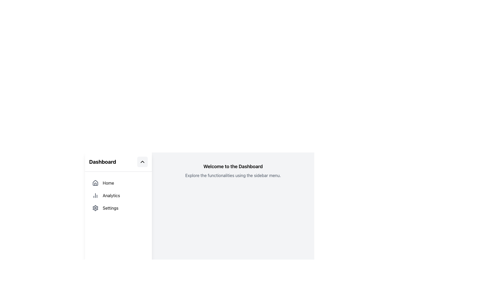 This screenshot has width=502, height=282. I want to click on the toggle button for collapsing or expanding a section, located to the right of the 'Dashboard' text in the header, so click(142, 162).